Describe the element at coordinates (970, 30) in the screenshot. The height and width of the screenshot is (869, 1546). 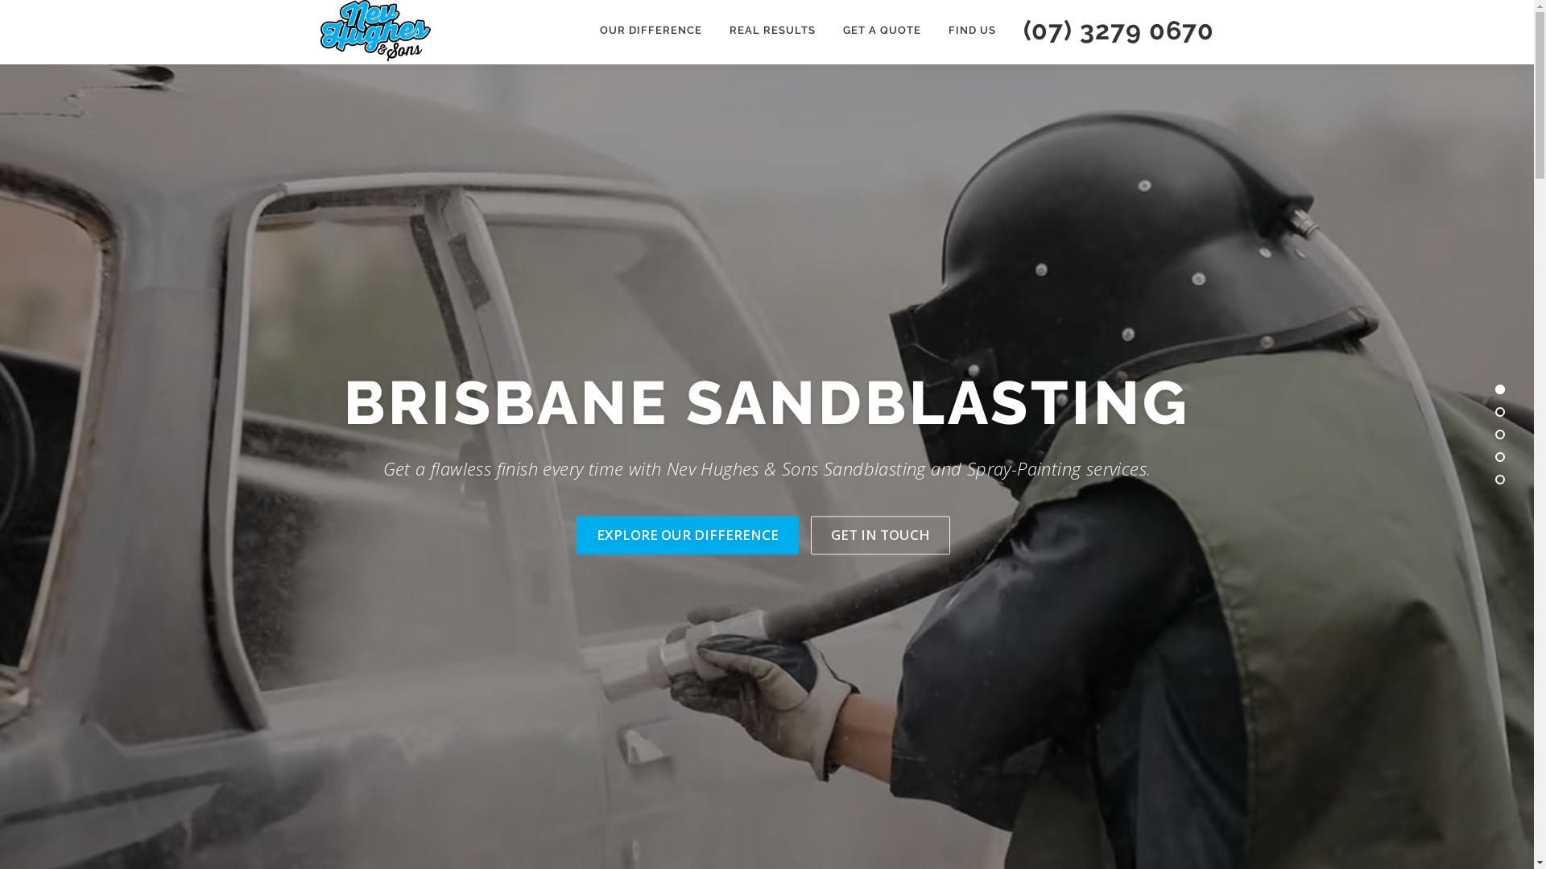
I see `'FIND US'` at that location.